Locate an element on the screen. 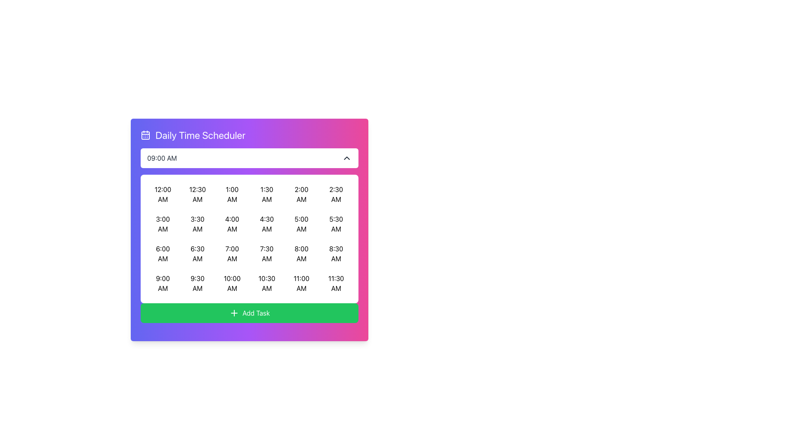  the SVG chevron icon located to the far right of the text '09:00 AM', which is part of a section control to collapse or minimize a dropdown menu is located at coordinates (346, 158).